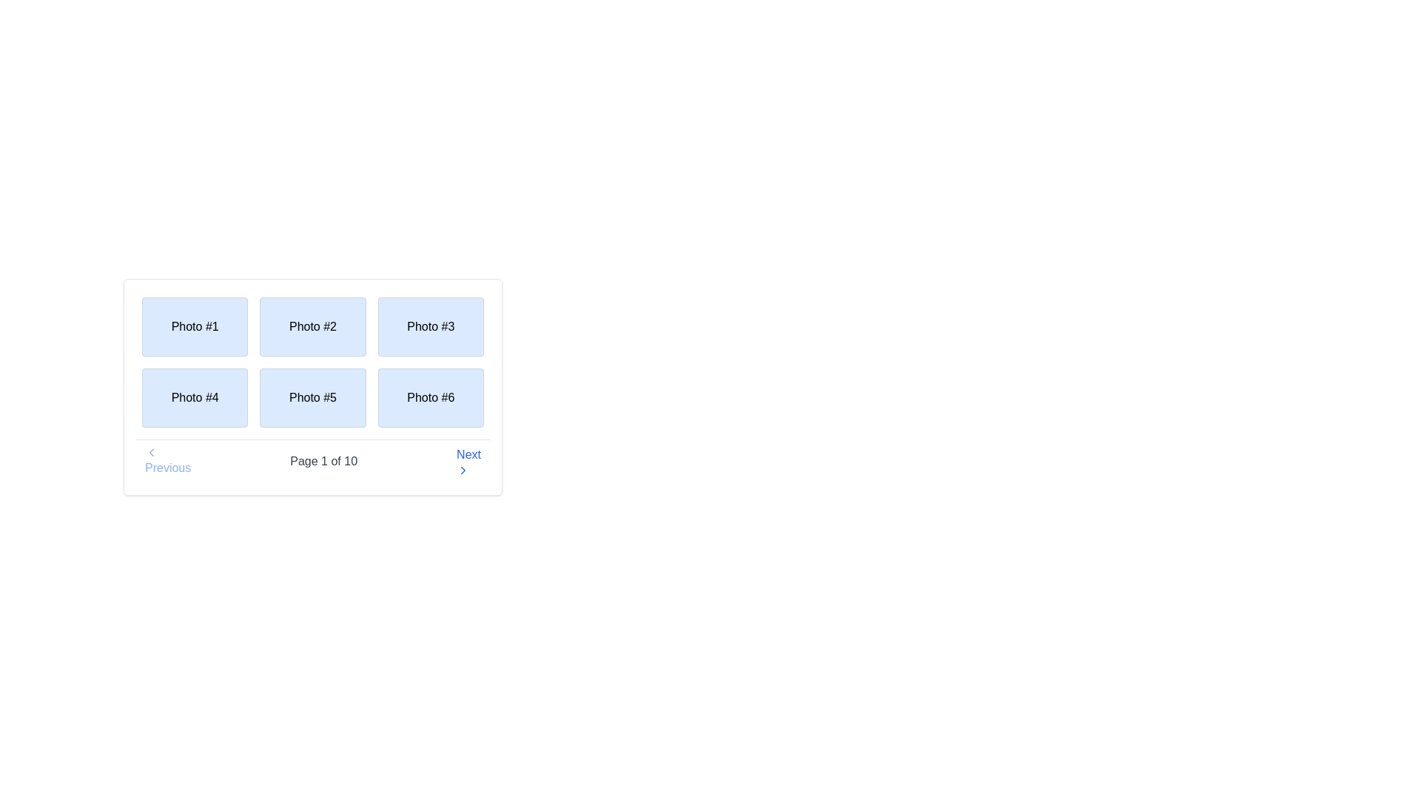  I want to click on the button representing the fifth photo in the grid layout, so click(312, 397).